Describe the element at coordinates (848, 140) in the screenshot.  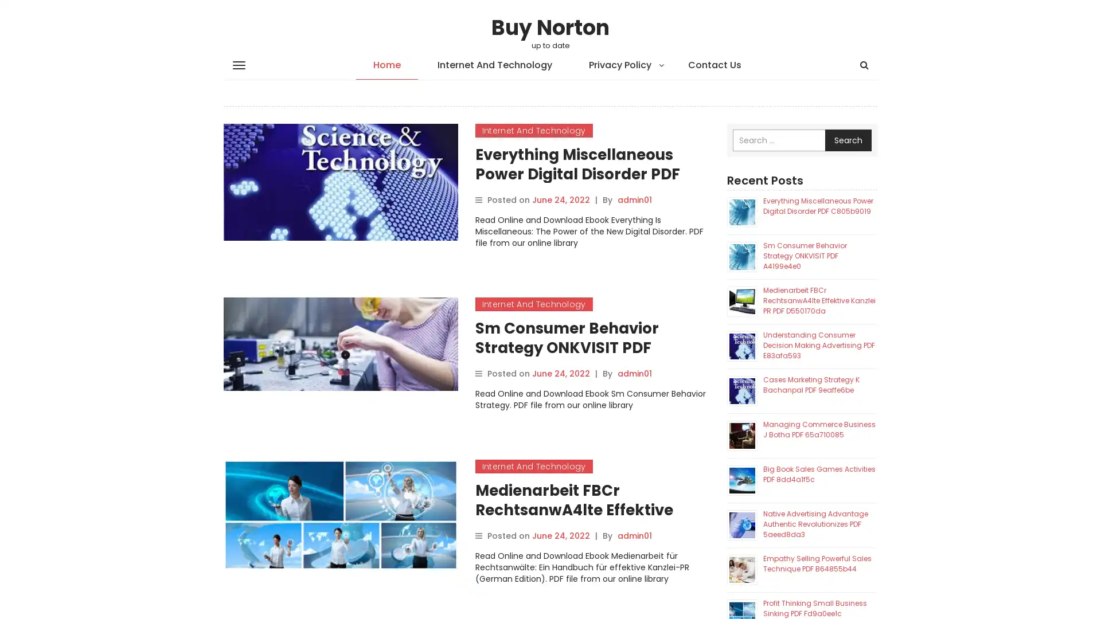
I see `Search` at that location.